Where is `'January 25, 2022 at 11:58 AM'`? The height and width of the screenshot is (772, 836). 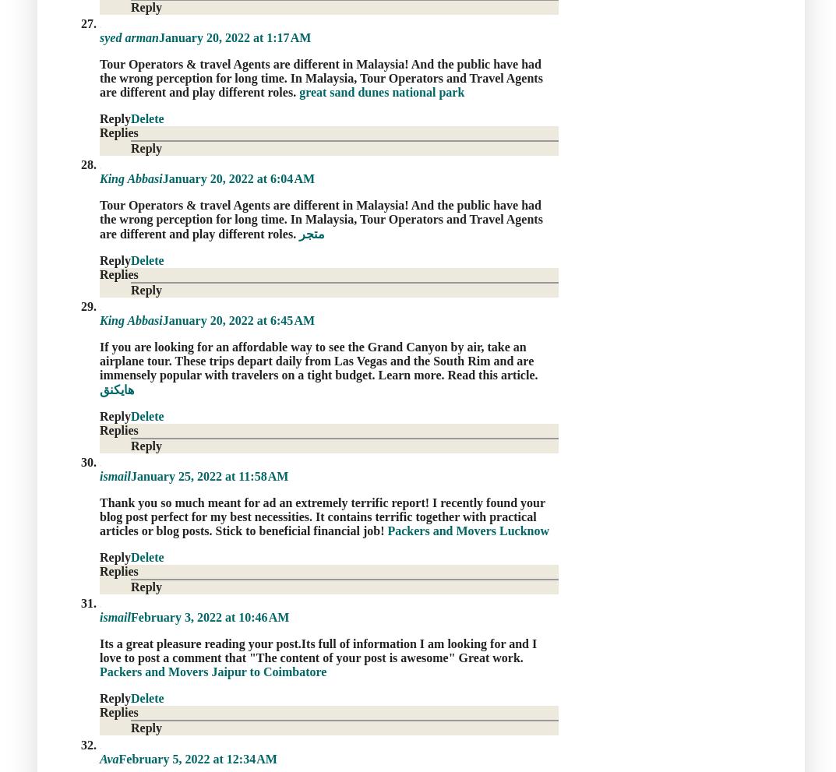 'January 25, 2022 at 11:58 AM' is located at coordinates (209, 476).